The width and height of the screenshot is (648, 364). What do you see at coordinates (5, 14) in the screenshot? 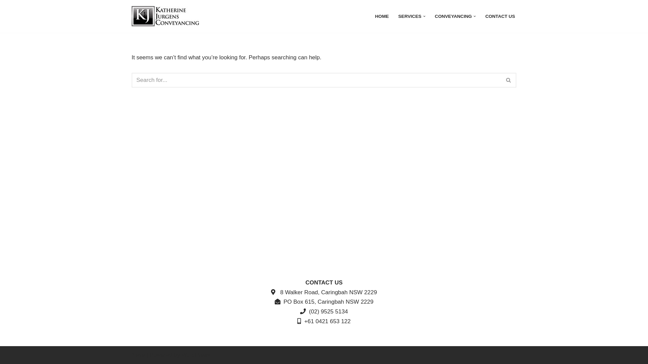
I see `'Skip to content'` at bounding box center [5, 14].